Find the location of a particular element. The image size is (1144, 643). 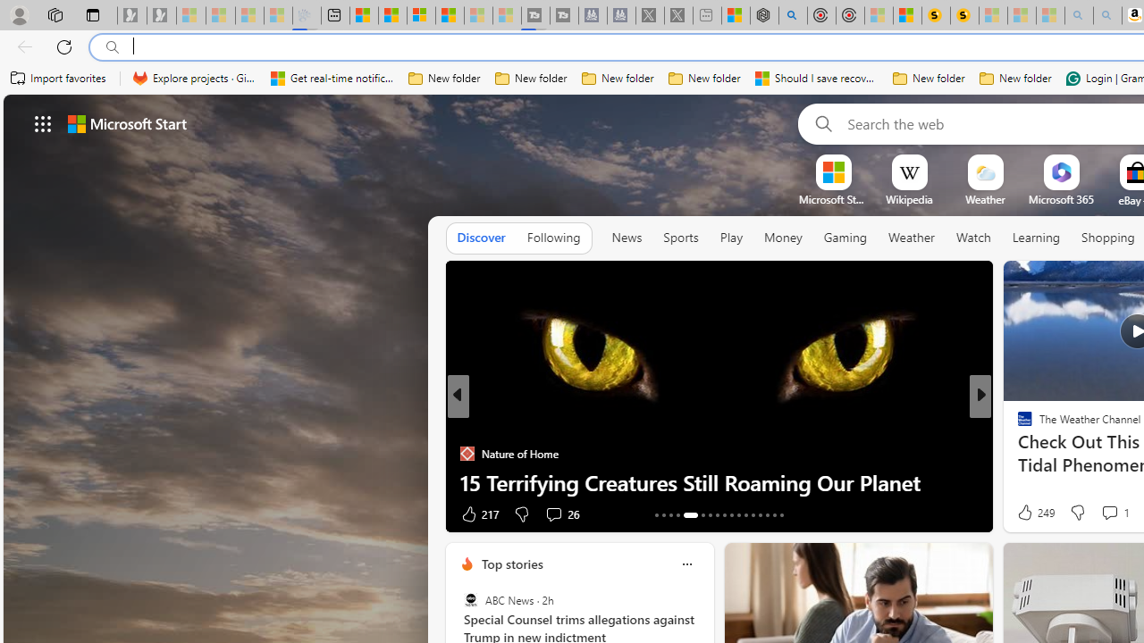

'The Independent' is located at coordinates (1017, 424).